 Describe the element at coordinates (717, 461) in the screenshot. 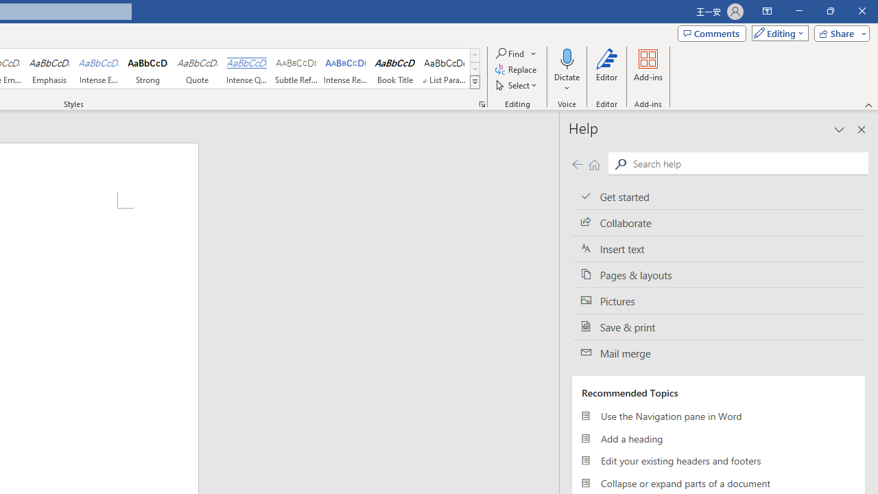

I see `'Edit your existing headers and footers'` at that location.